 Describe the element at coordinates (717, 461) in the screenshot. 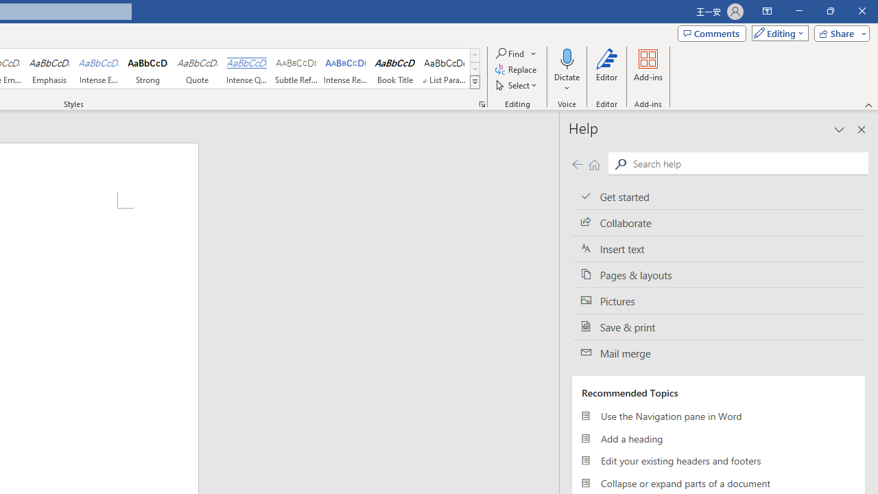

I see `'Edit your existing headers and footers'` at that location.